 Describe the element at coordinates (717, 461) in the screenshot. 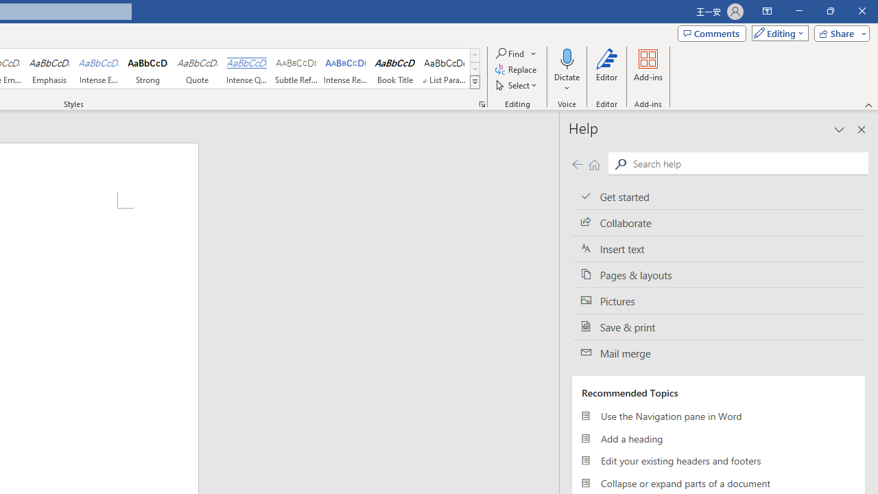

I see `'Edit your existing headers and footers'` at that location.